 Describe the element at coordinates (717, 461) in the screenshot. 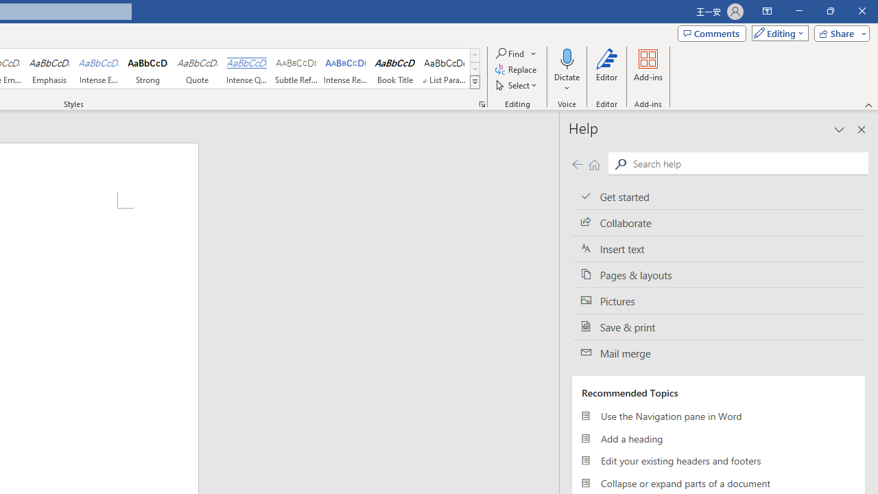

I see `'Edit your existing headers and footers'` at that location.